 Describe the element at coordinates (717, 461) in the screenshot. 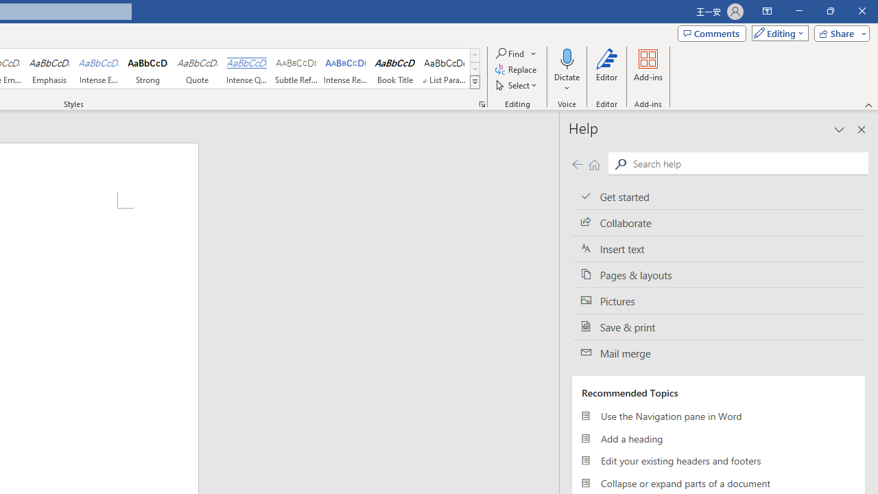

I see `'Edit your existing headers and footers'` at that location.